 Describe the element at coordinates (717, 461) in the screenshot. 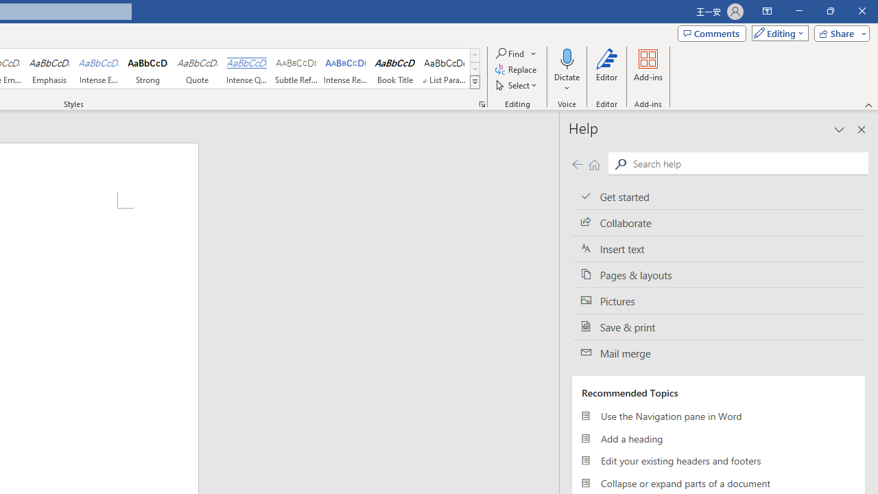

I see `'Edit your existing headers and footers'` at that location.